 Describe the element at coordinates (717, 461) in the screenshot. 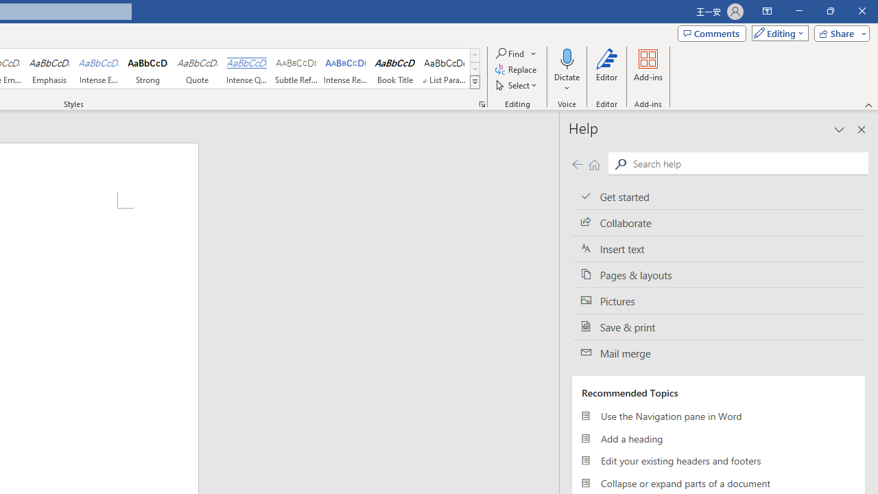

I see `'Edit your existing headers and footers'` at that location.